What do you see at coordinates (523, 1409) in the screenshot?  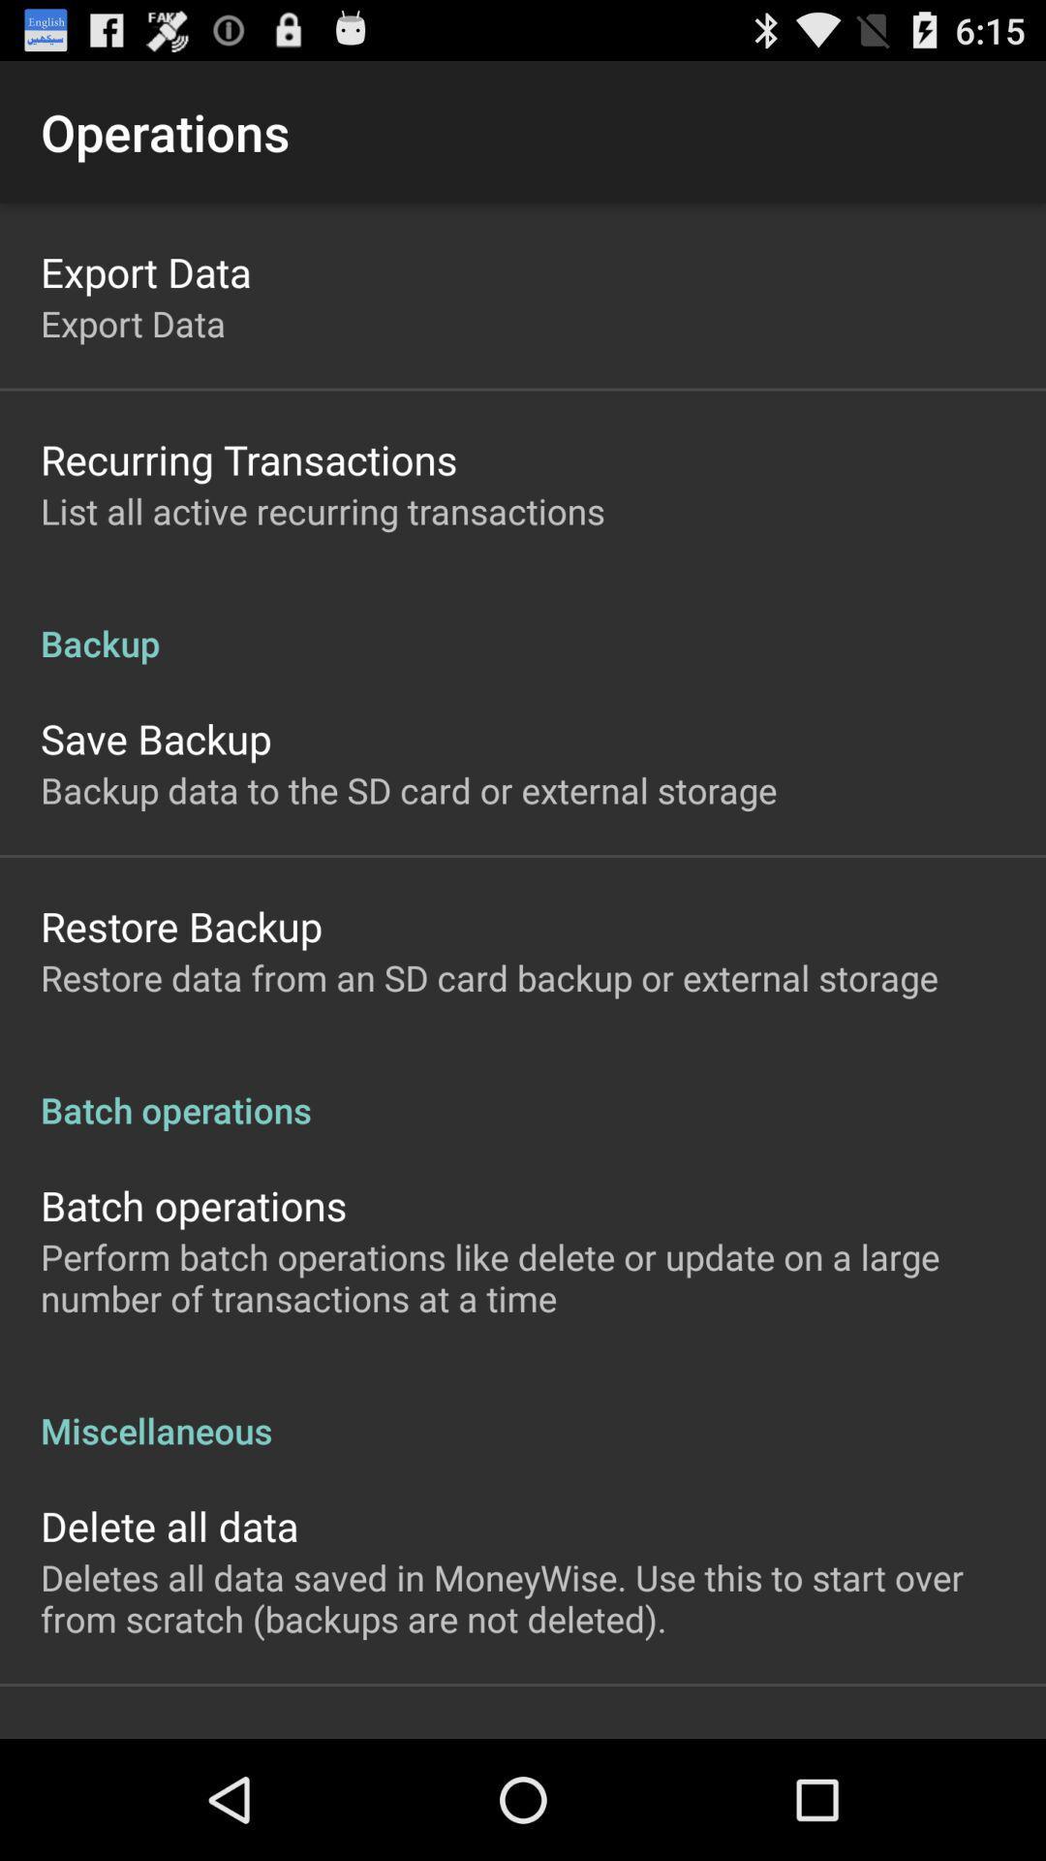 I see `app below the perform batch operations icon` at bounding box center [523, 1409].